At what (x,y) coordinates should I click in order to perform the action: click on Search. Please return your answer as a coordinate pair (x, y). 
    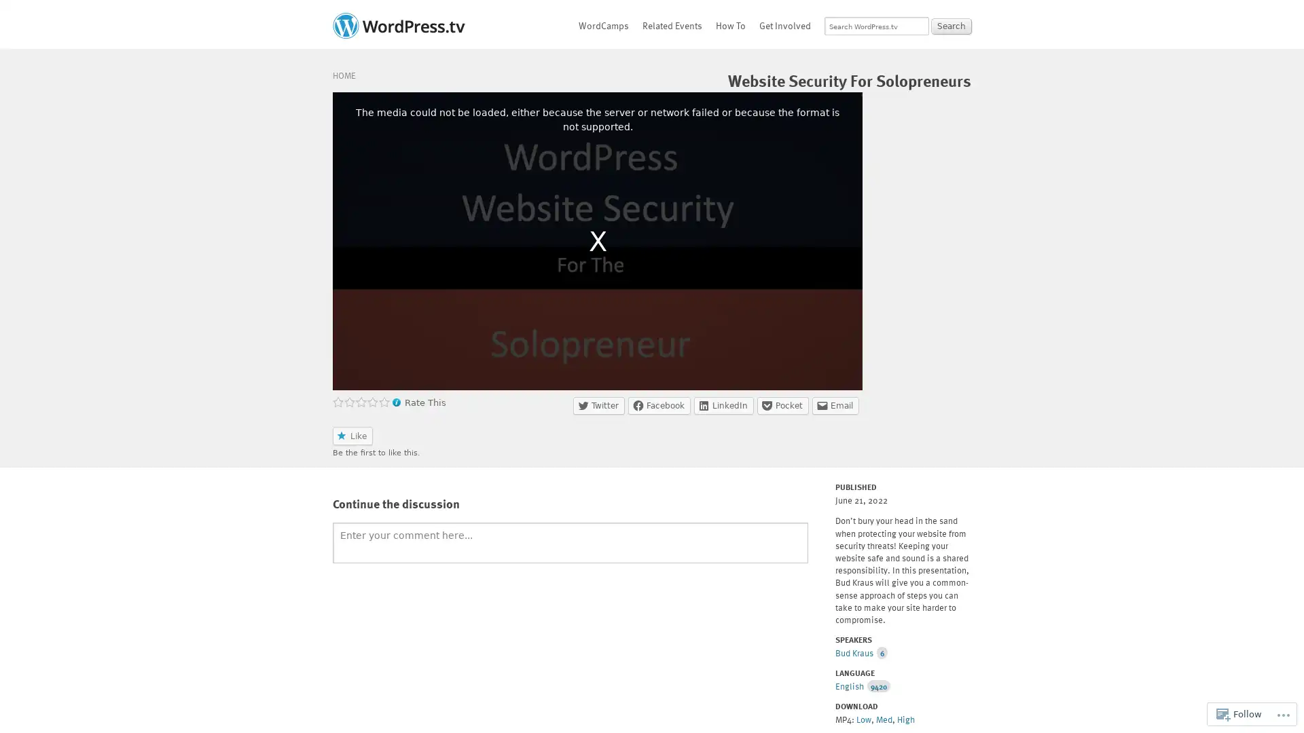
    Looking at the image, I should click on (951, 26).